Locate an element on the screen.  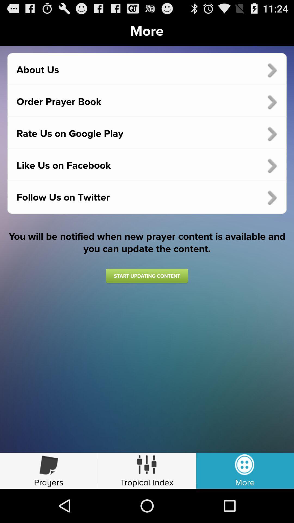
the text below the order prayer book is located at coordinates (147, 134).